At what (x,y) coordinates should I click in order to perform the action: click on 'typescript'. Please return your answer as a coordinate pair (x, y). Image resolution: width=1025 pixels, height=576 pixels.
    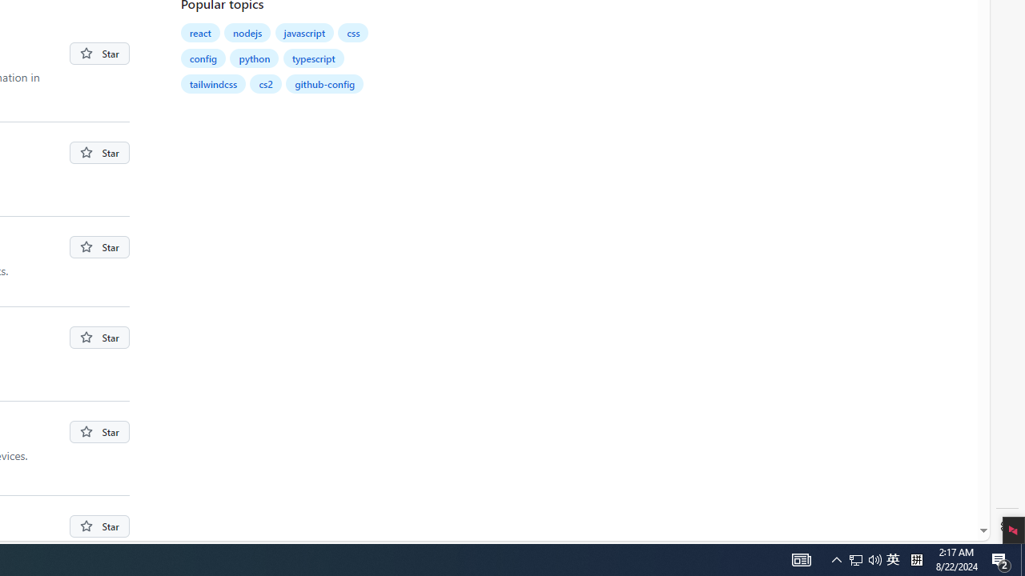
    Looking at the image, I should click on (313, 58).